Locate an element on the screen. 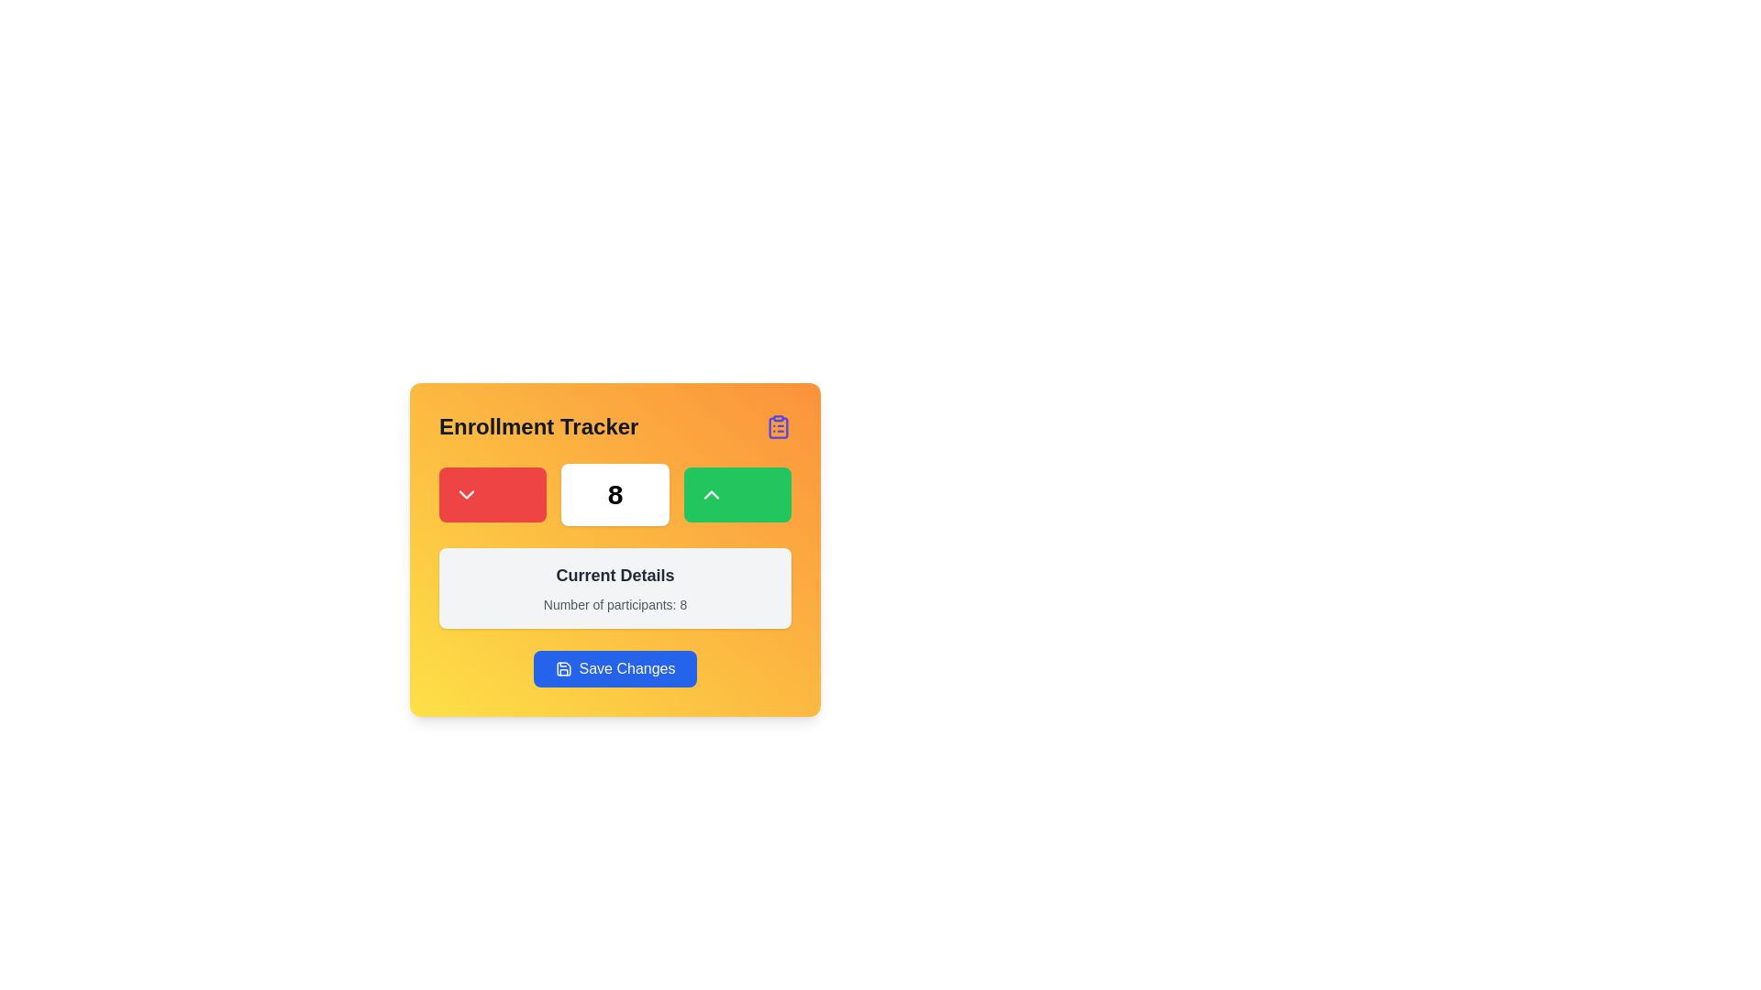  the static text box displaying the number '8' in bold black font, which is centrally positioned within a white rectangular box with rounded corners, located in the 'Enrollment Tracker' interface is located at coordinates (615, 495).